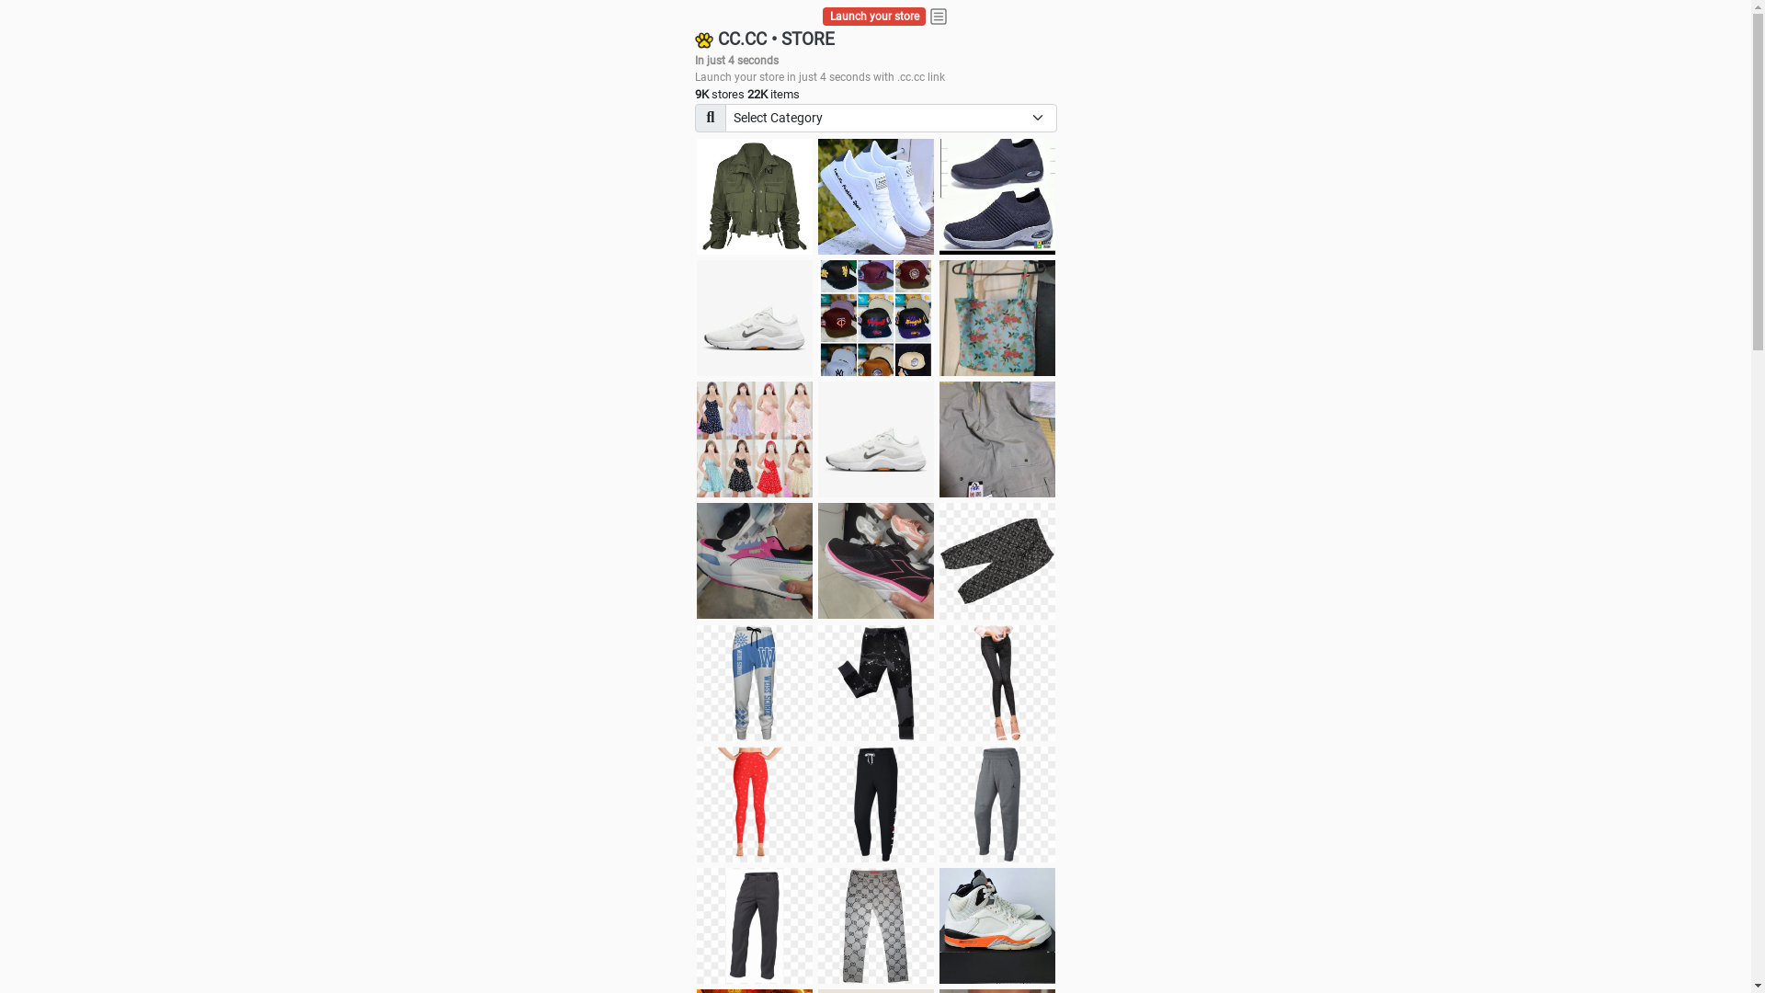 The height and width of the screenshot is (993, 1765). What do you see at coordinates (816, 559) in the screenshot?
I see `'Zapatillas'` at bounding box center [816, 559].